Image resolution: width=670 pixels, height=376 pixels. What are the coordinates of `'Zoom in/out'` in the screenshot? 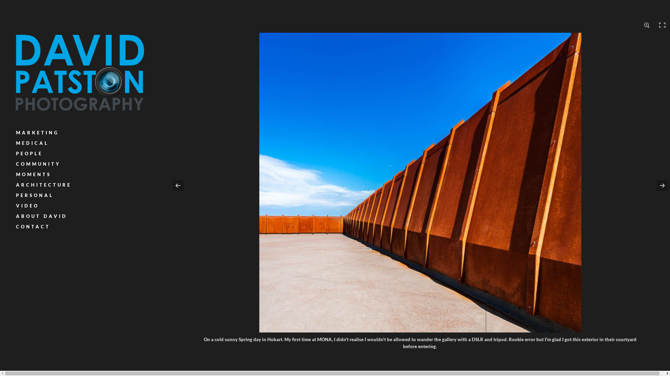 It's located at (646, 25).